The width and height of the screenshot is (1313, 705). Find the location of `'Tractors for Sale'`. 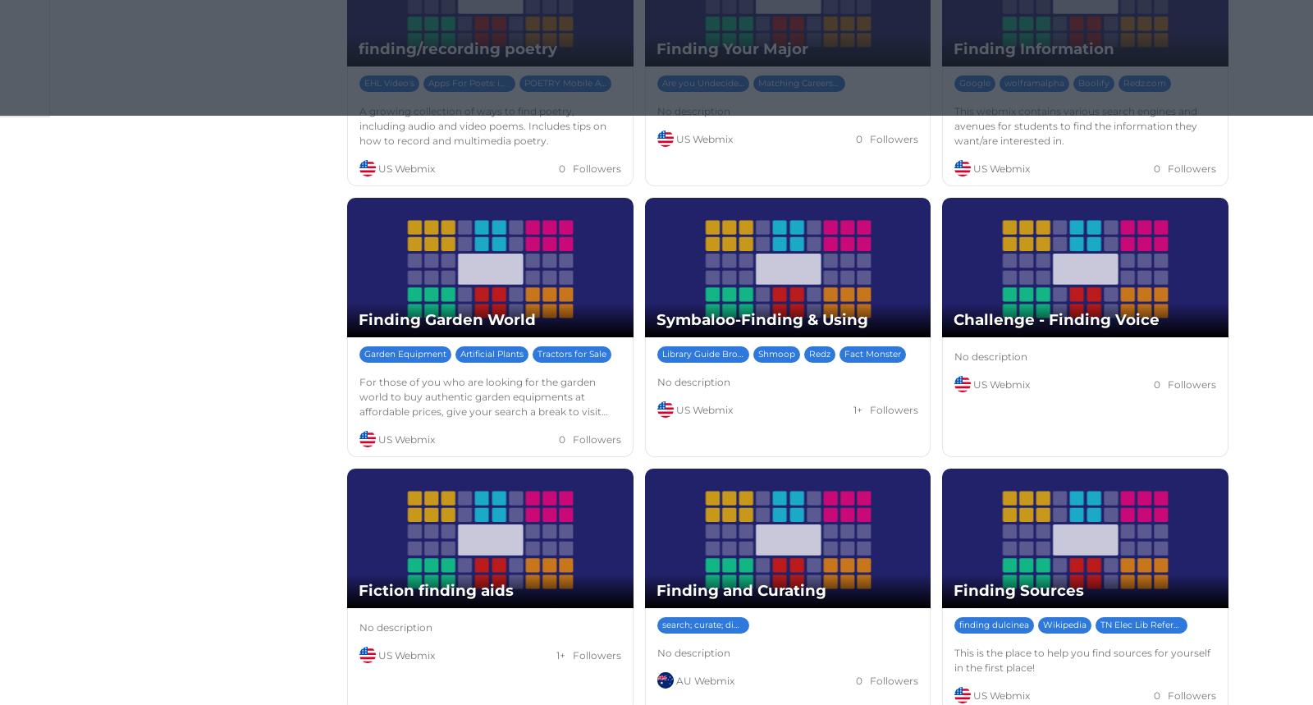

'Tractors for Sale' is located at coordinates (571, 353).